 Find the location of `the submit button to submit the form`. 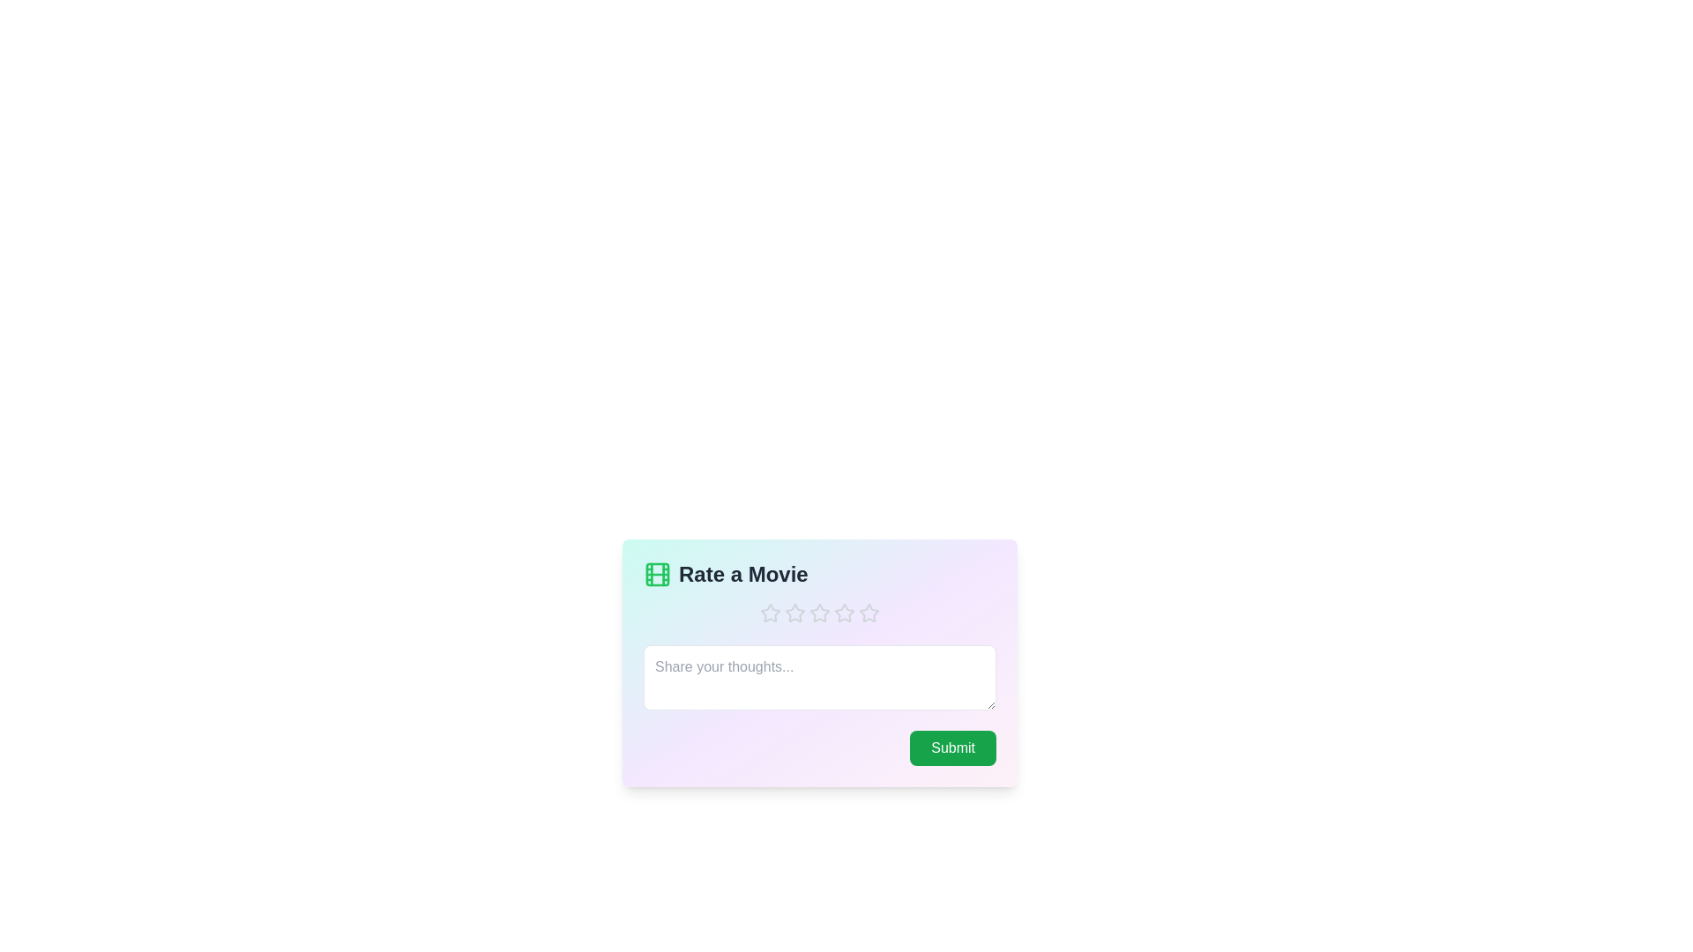

the submit button to submit the form is located at coordinates (951, 747).